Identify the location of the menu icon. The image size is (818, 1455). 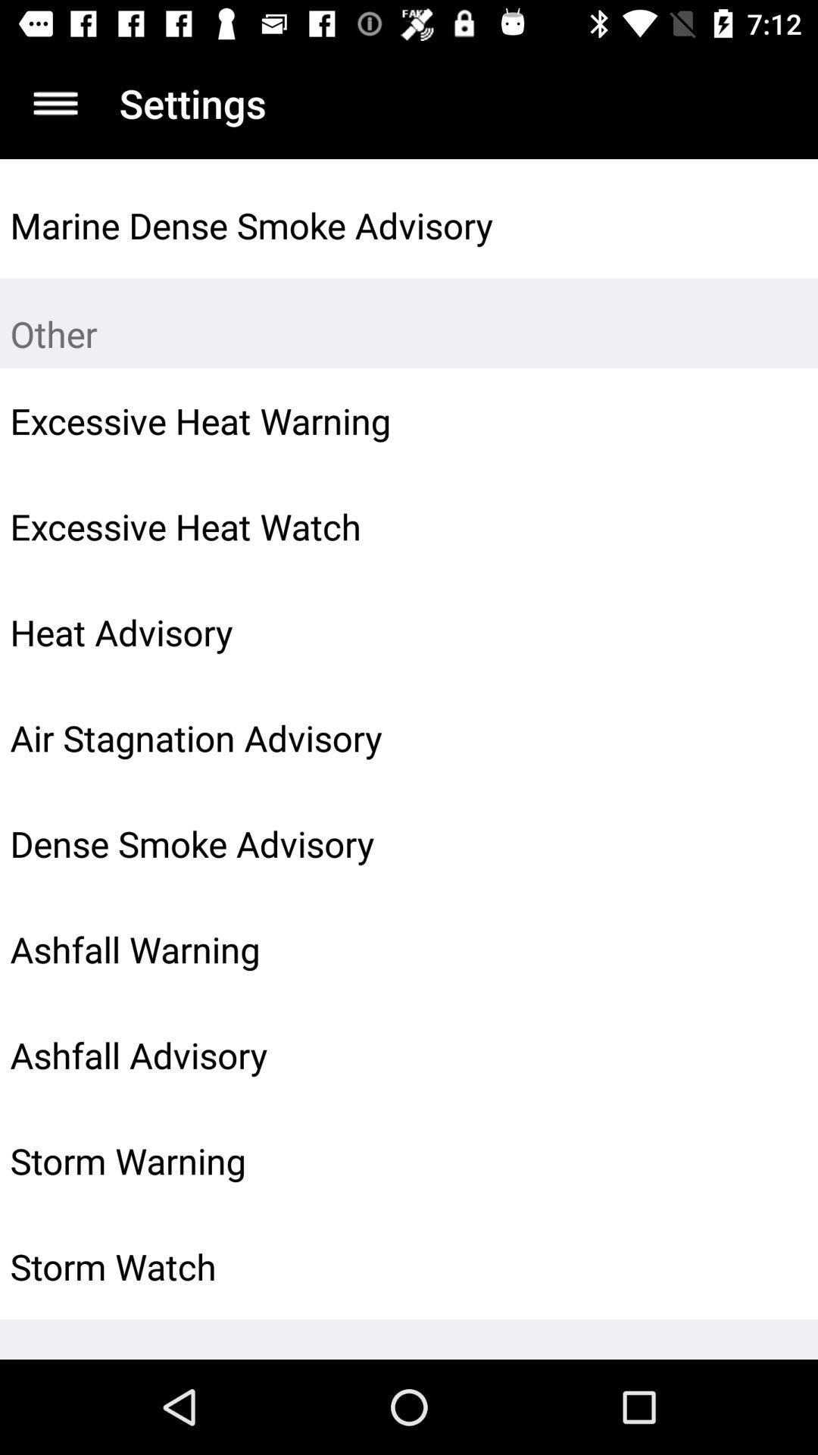
(55, 102).